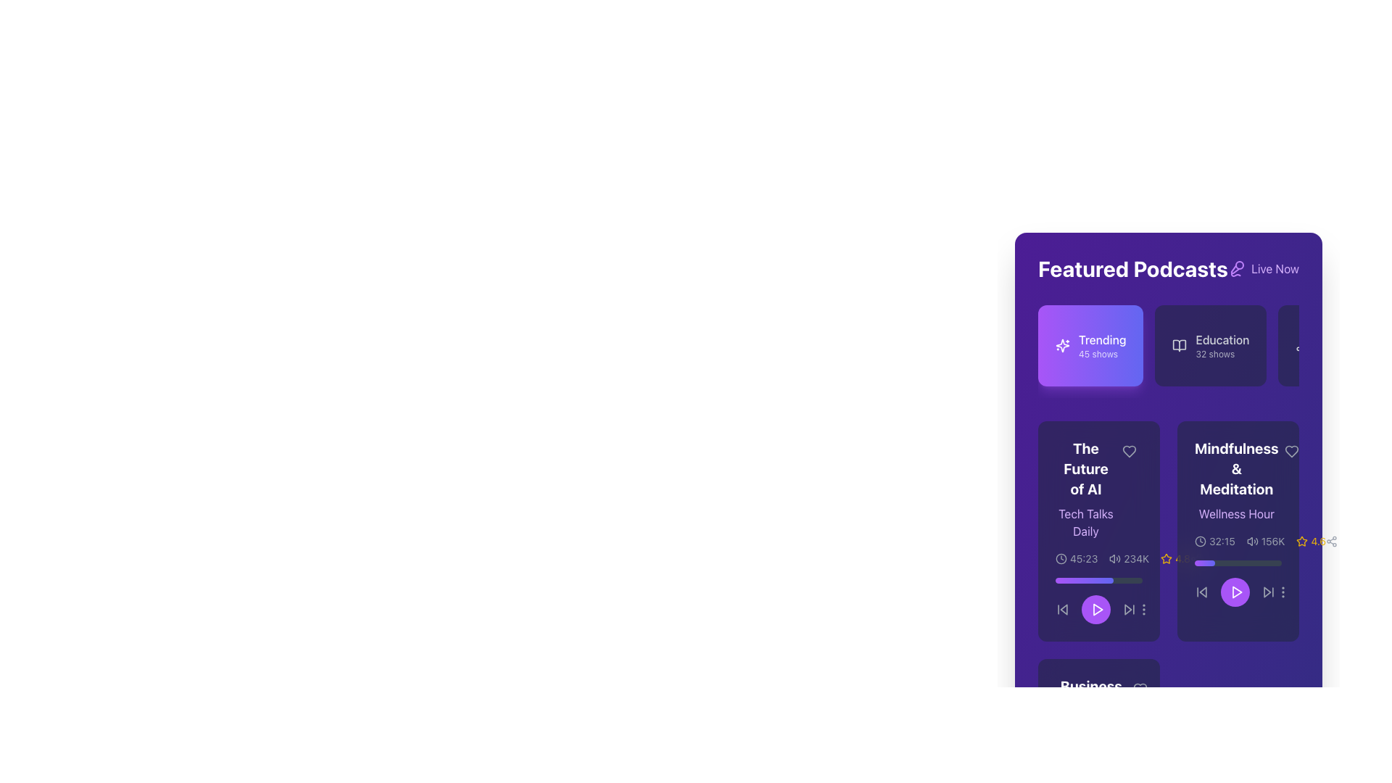 This screenshot has width=1392, height=783. What do you see at coordinates (1251, 542) in the screenshot?
I see `the volume icon with two sound wave arcs located within the 'Mindfulness & Meditation' podcast card, positioned to the right of the time indicator (32:15) and left of the text '156K.'` at bounding box center [1251, 542].